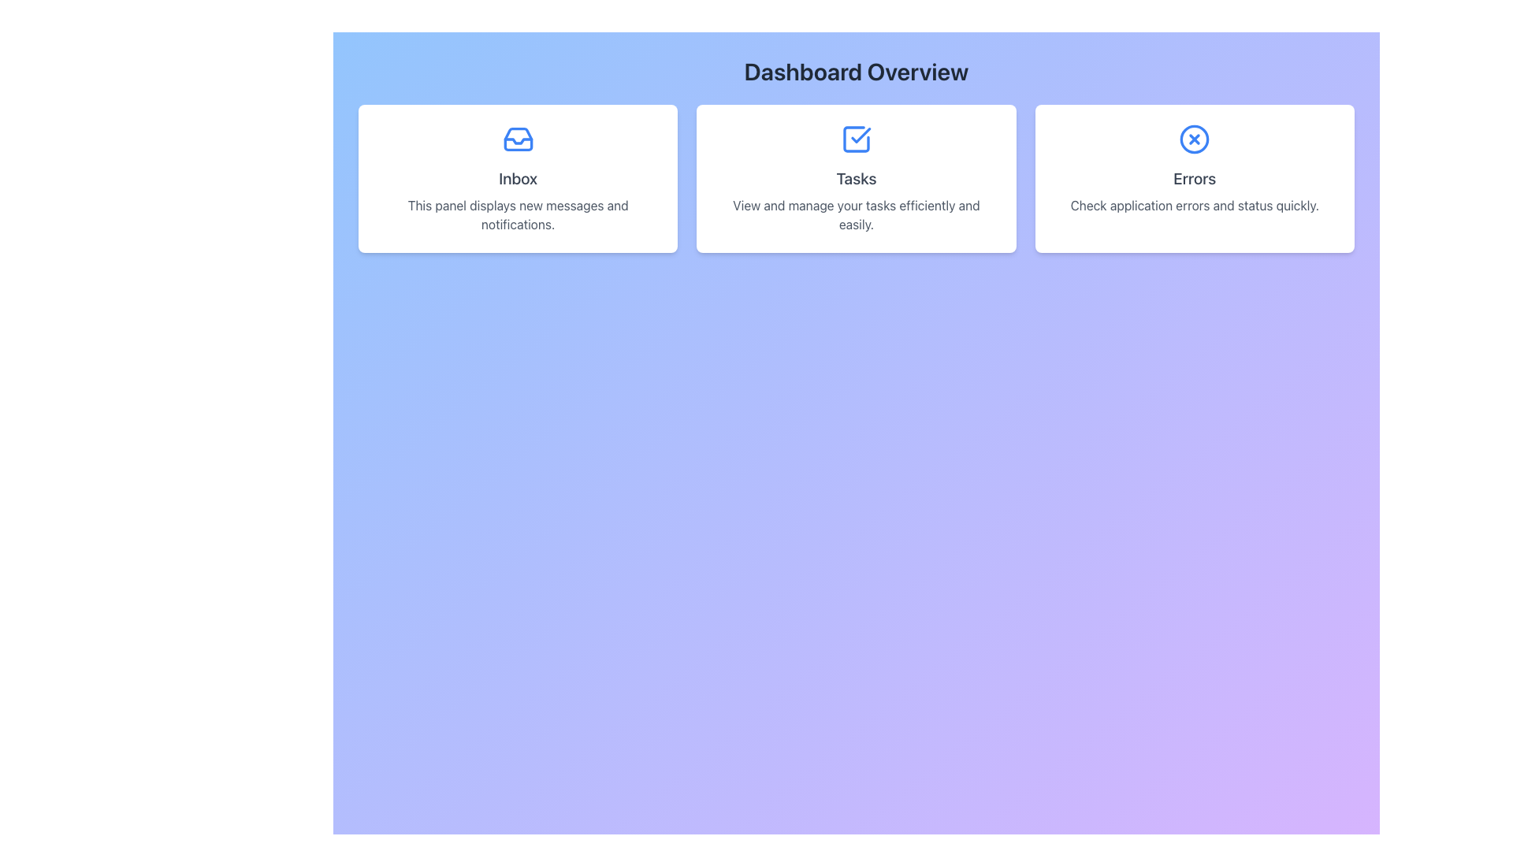  Describe the element at coordinates (855, 178) in the screenshot. I see `the middle task management card in the Dashboard Overview section through keyboard navigation` at that location.